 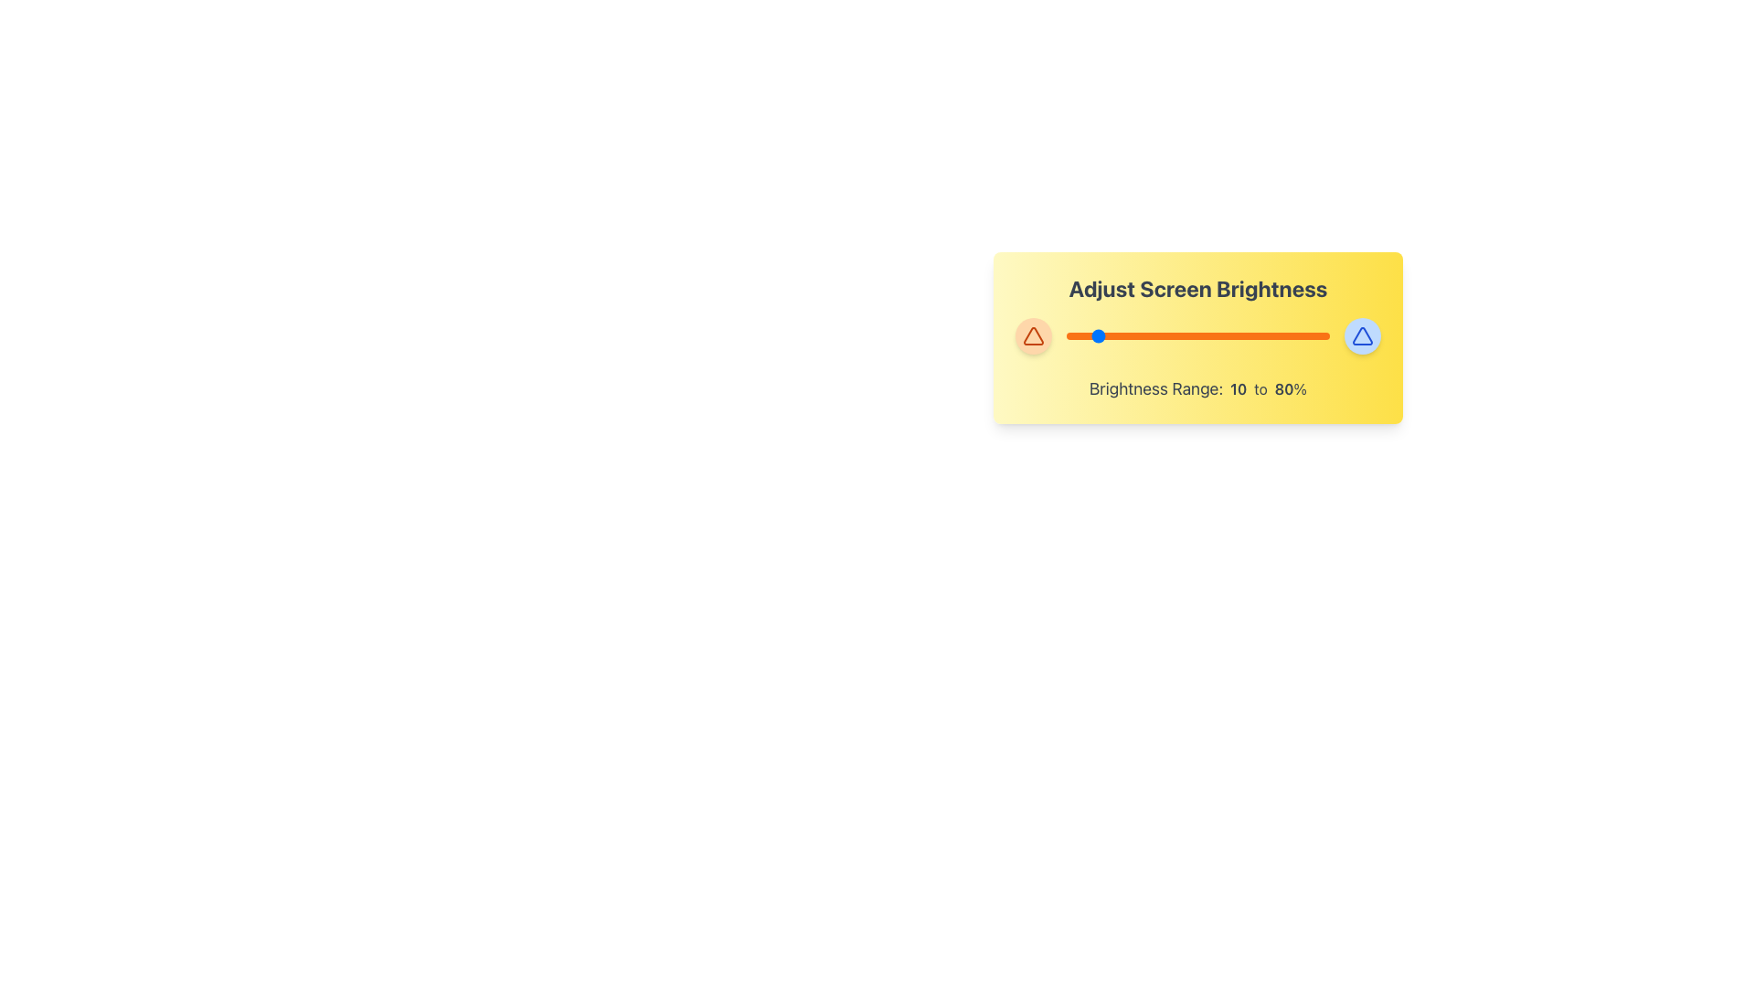 What do you see at coordinates (1103, 335) in the screenshot?
I see `brightness` at bounding box center [1103, 335].